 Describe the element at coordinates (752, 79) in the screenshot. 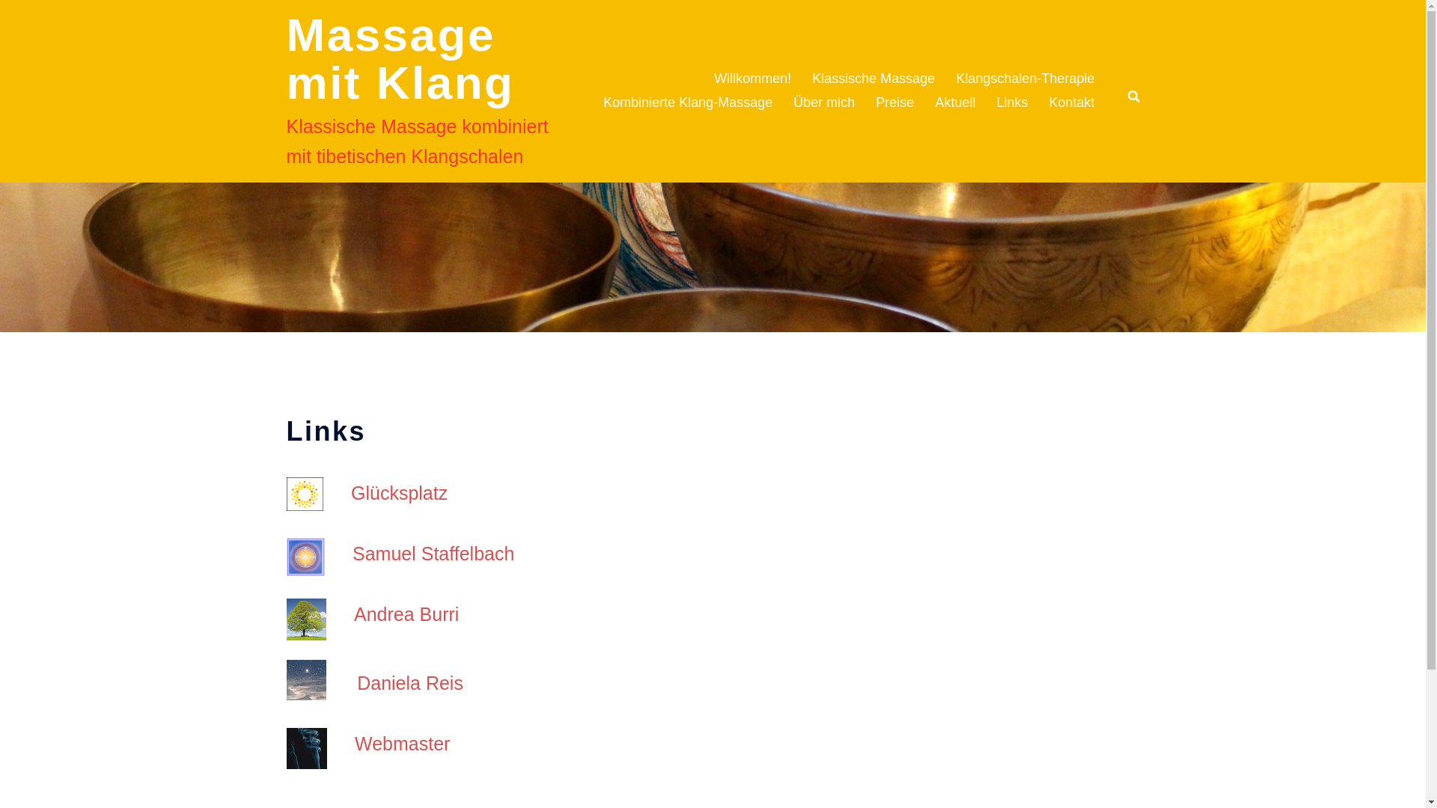

I see `'Willkommen!'` at that location.